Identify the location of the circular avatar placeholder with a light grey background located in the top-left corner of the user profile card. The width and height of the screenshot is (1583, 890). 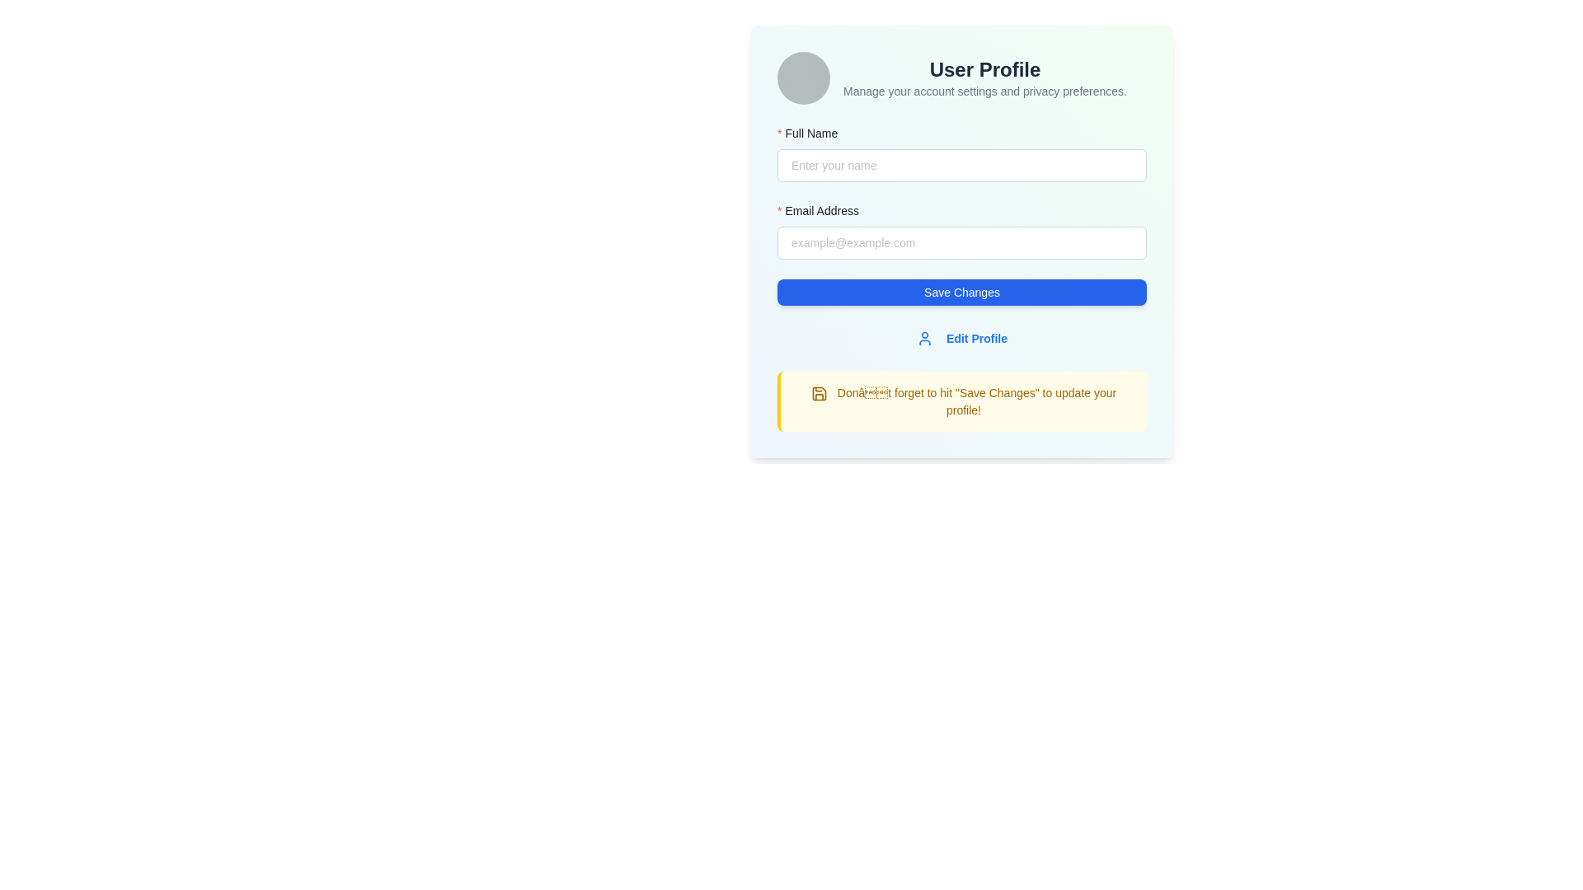
(803, 78).